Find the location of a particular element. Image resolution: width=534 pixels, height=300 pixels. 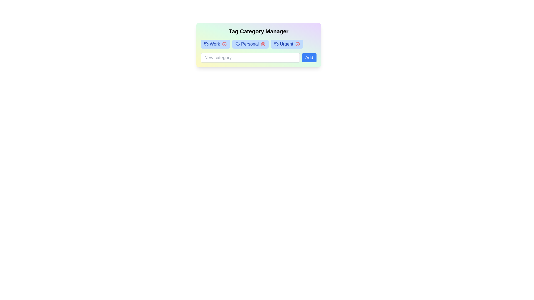

the tag icon inside the 'Personal' button is located at coordinates (238, 44).